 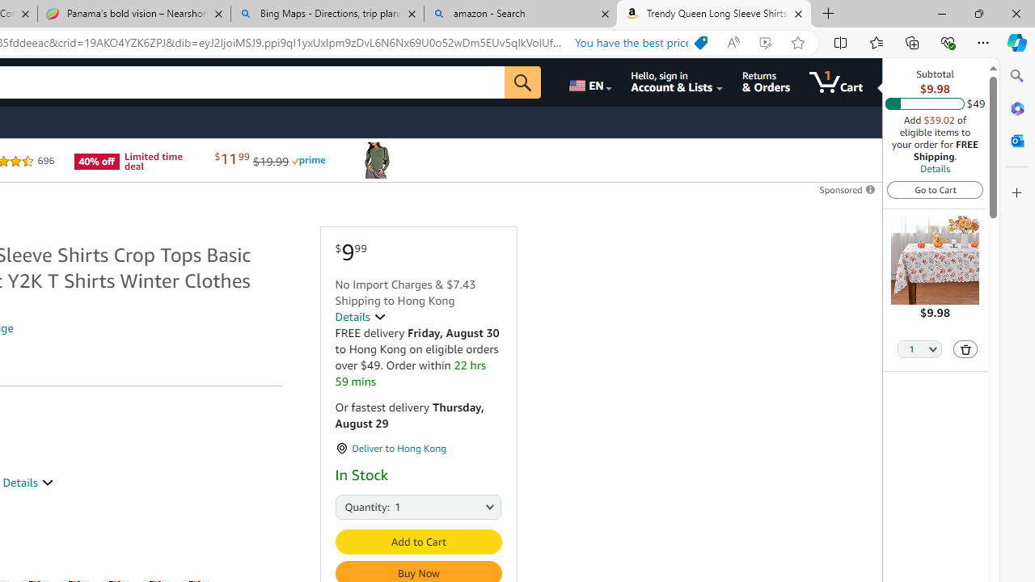 What do you see at coordinates (523, 82) in the screenshot?
I see `'Go'` at bounding box center [523, 82].